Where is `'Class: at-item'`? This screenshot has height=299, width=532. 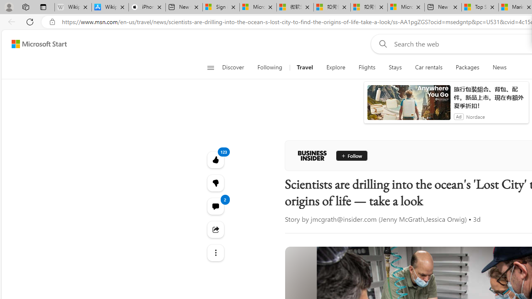 'Class: at-item' is located at coordinates (215, 252).